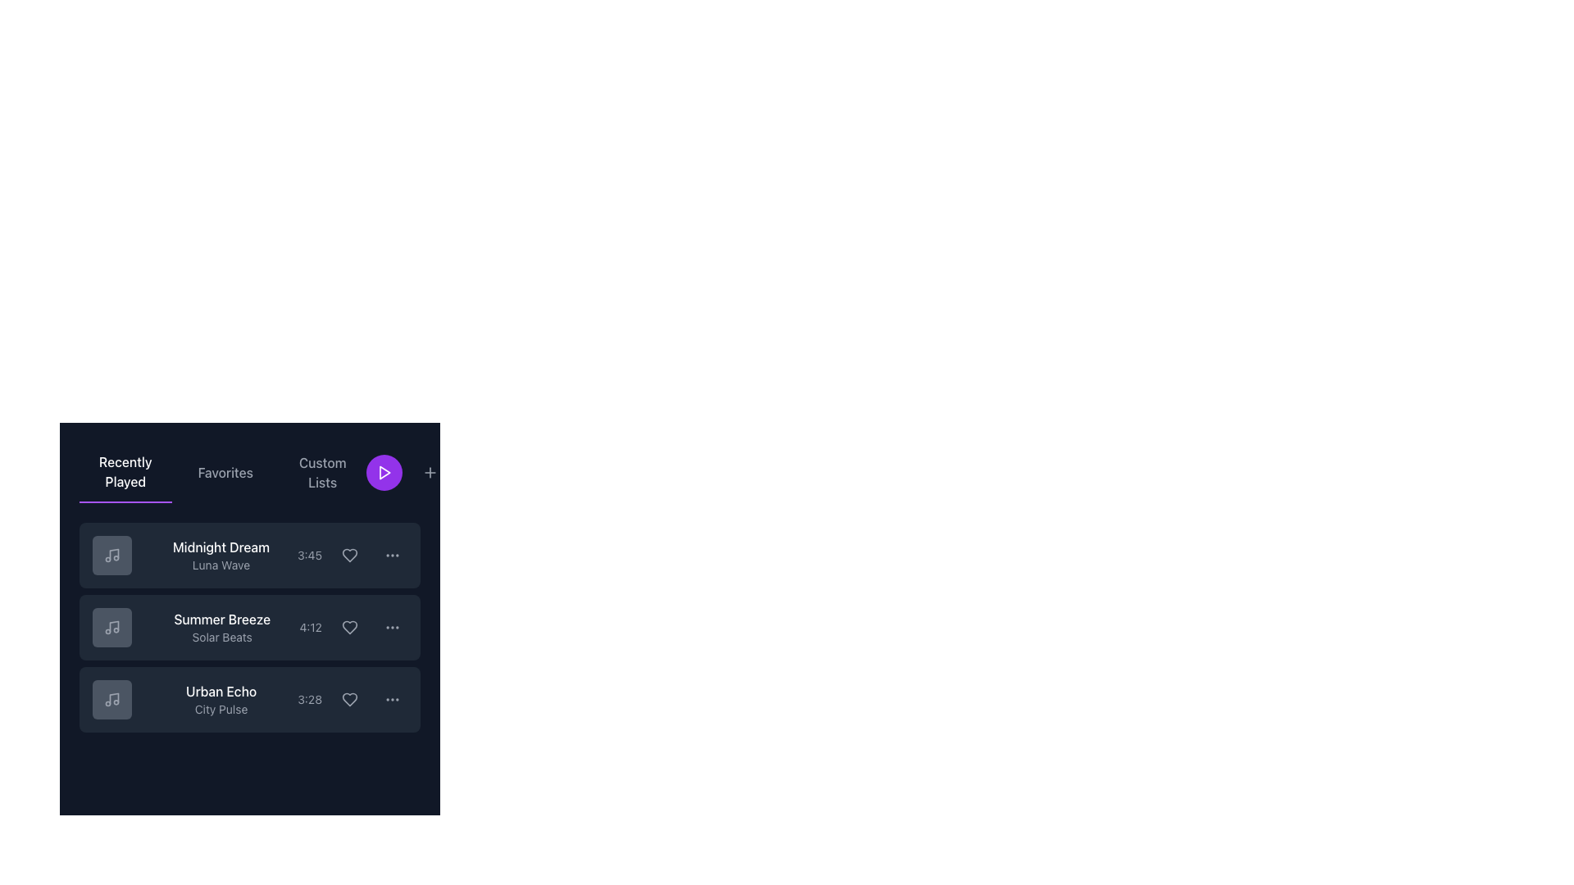  I want to click on the static text label that serves as a subtitle for 'Midnight Dream', located under the 'Recently Played' section, so click(220, 565).